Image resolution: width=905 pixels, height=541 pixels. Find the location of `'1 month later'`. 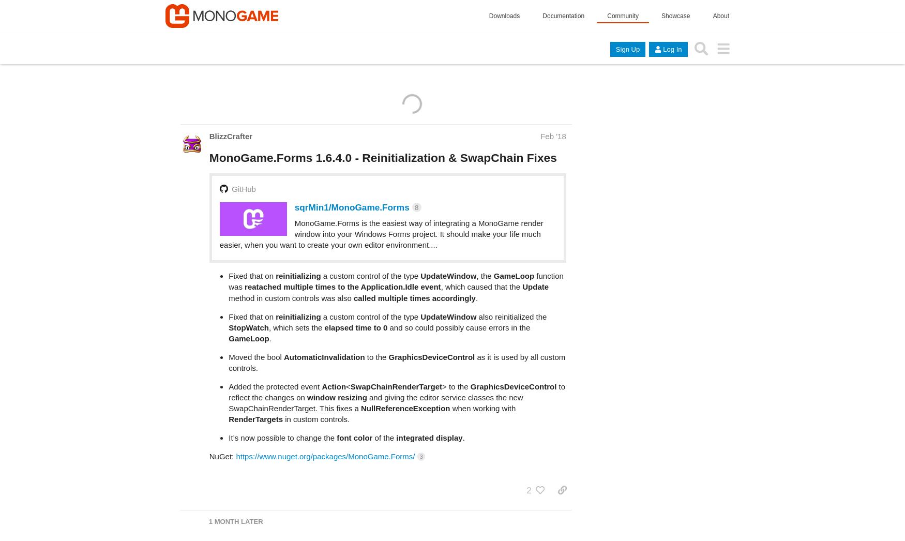

'1 month later' is located at coordinates (235, 480).